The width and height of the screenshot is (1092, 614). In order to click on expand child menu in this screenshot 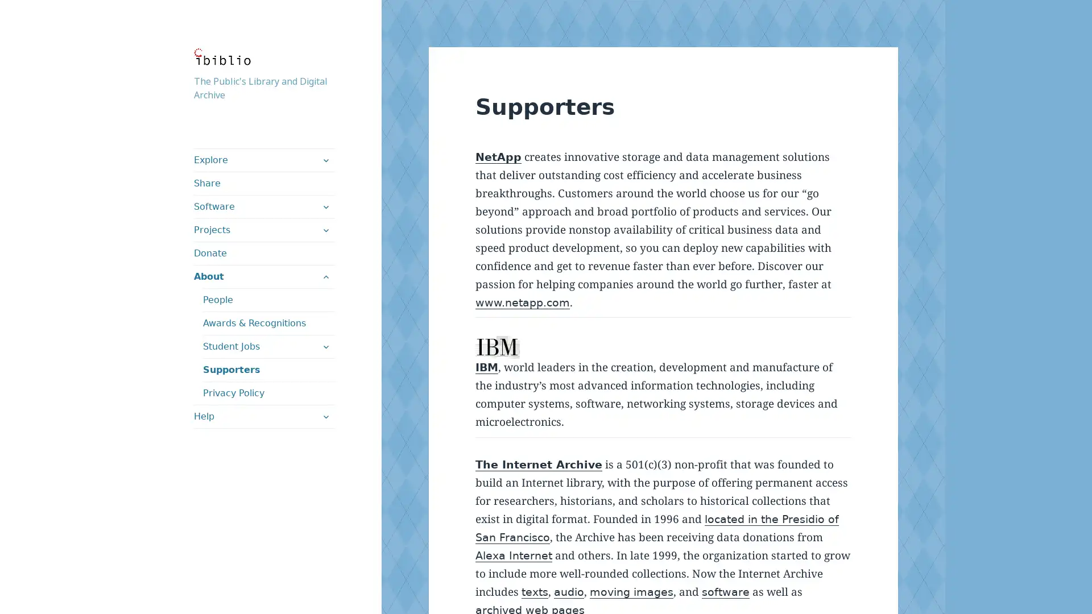, I will do `click(324, 346)`.